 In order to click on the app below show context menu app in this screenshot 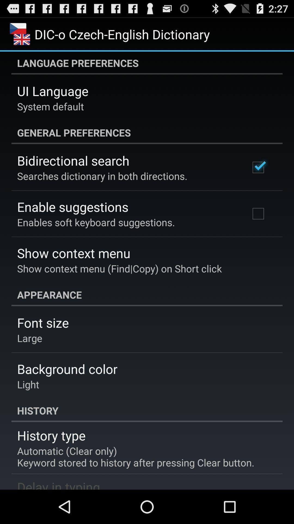, I will do `click(147, 294)`.